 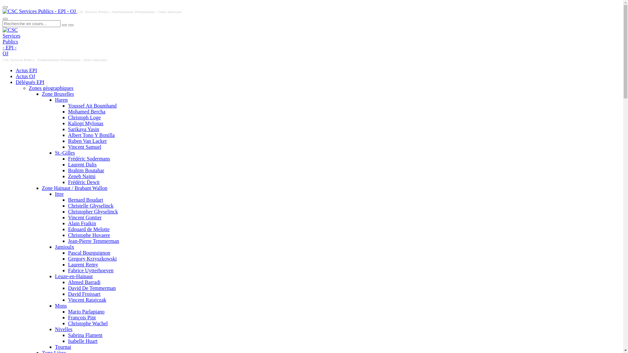 I want to click on 'Bernard Boudart', so click(x=85, y=199).